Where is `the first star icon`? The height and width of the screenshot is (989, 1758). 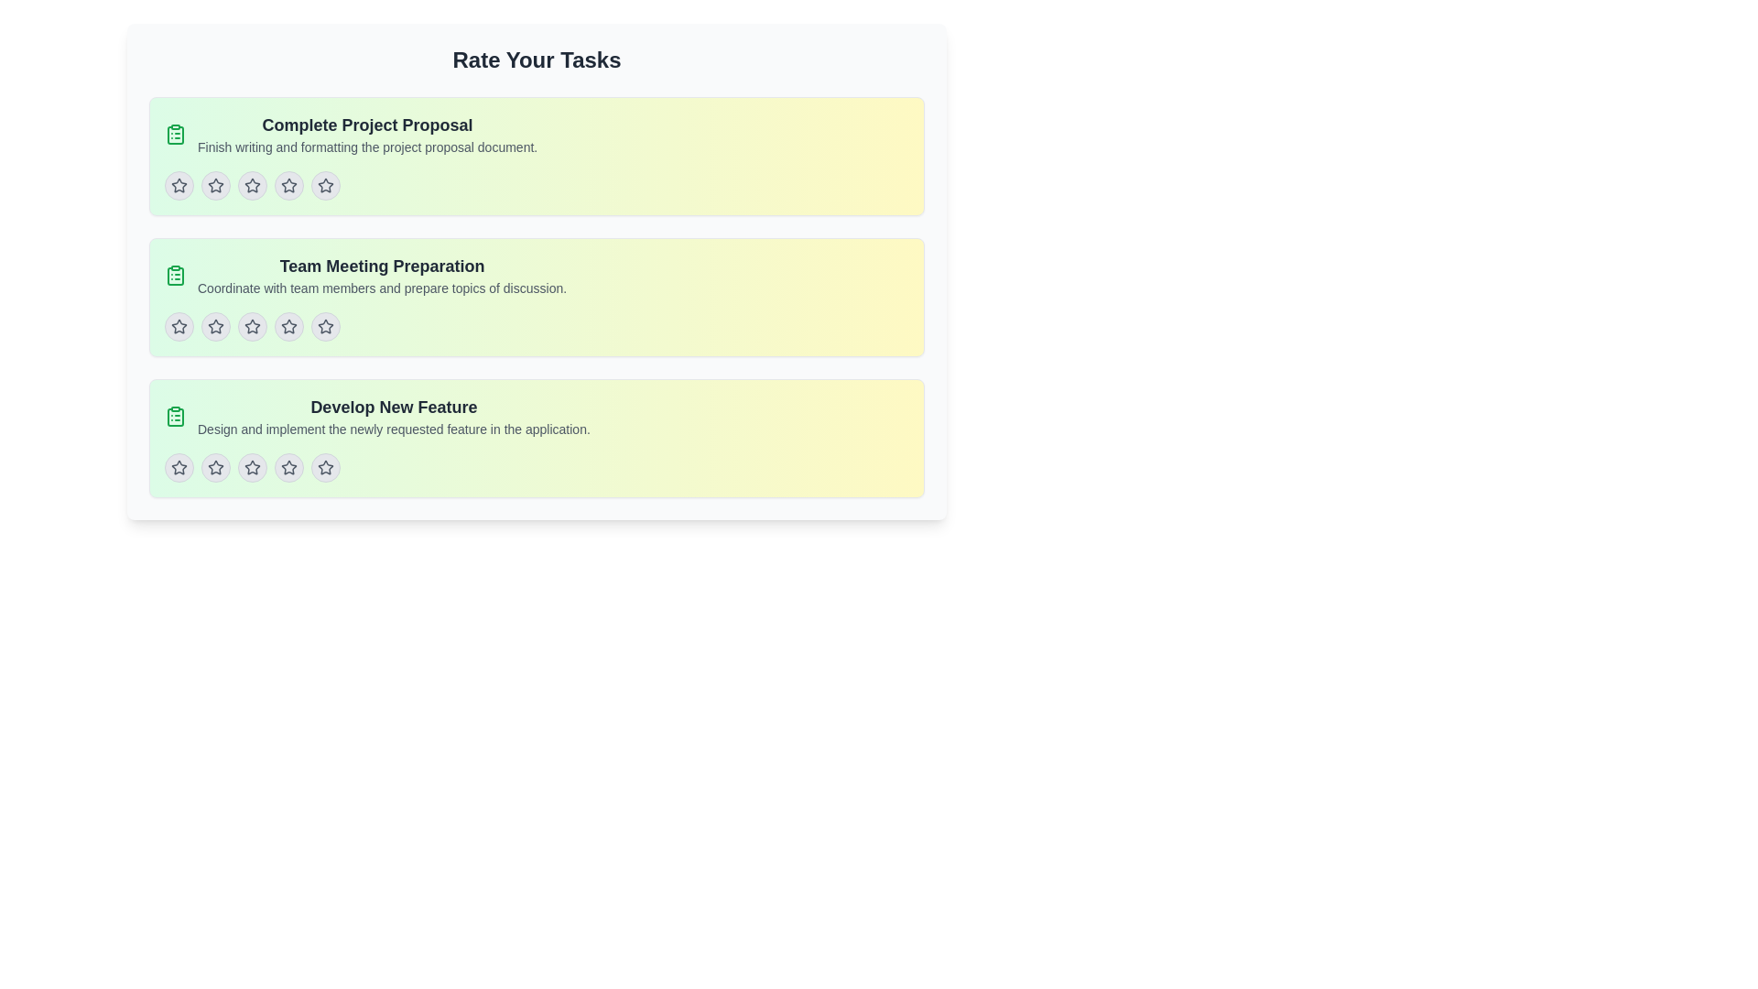
the first star icon is located at coordinates (215, 325).